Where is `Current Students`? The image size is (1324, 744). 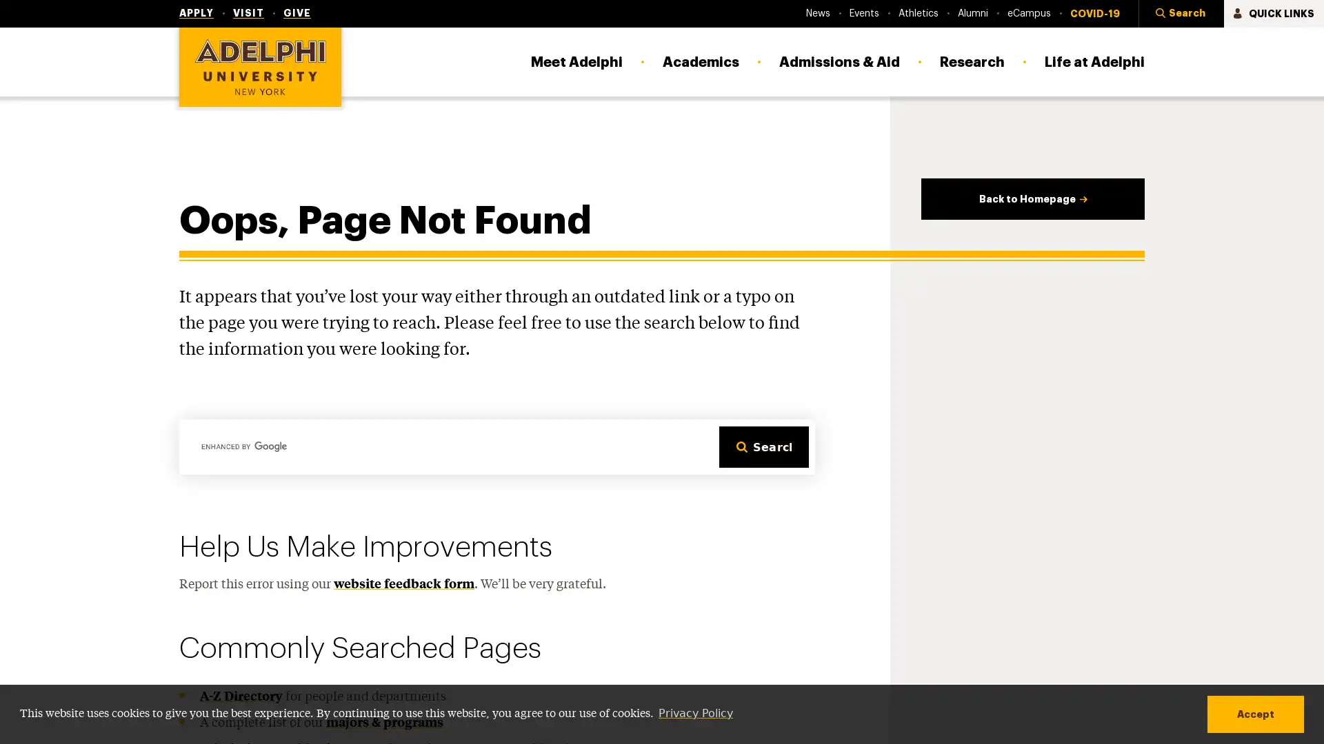 Current Students is located at coordinates (923, 72).